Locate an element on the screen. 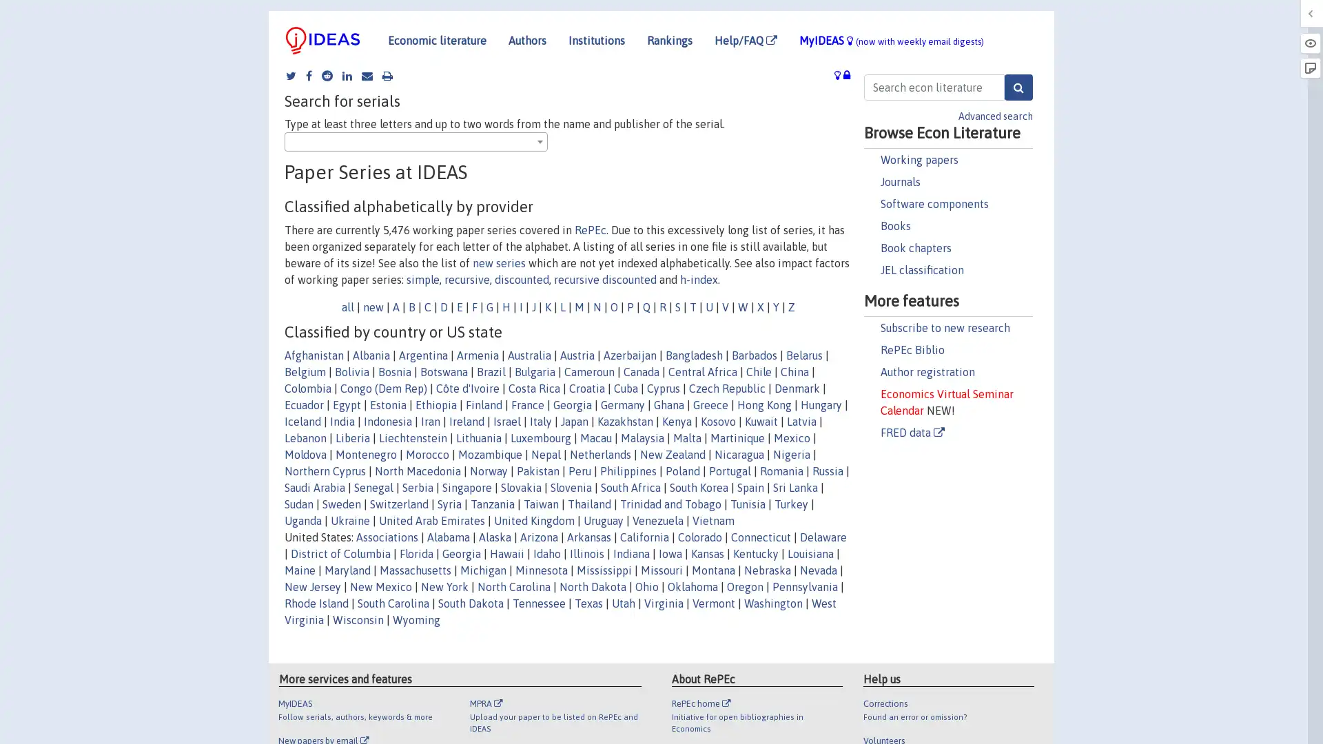 The width and height of the screenshot is (1323, 744). New page note is located at coordinates (1309, 68).